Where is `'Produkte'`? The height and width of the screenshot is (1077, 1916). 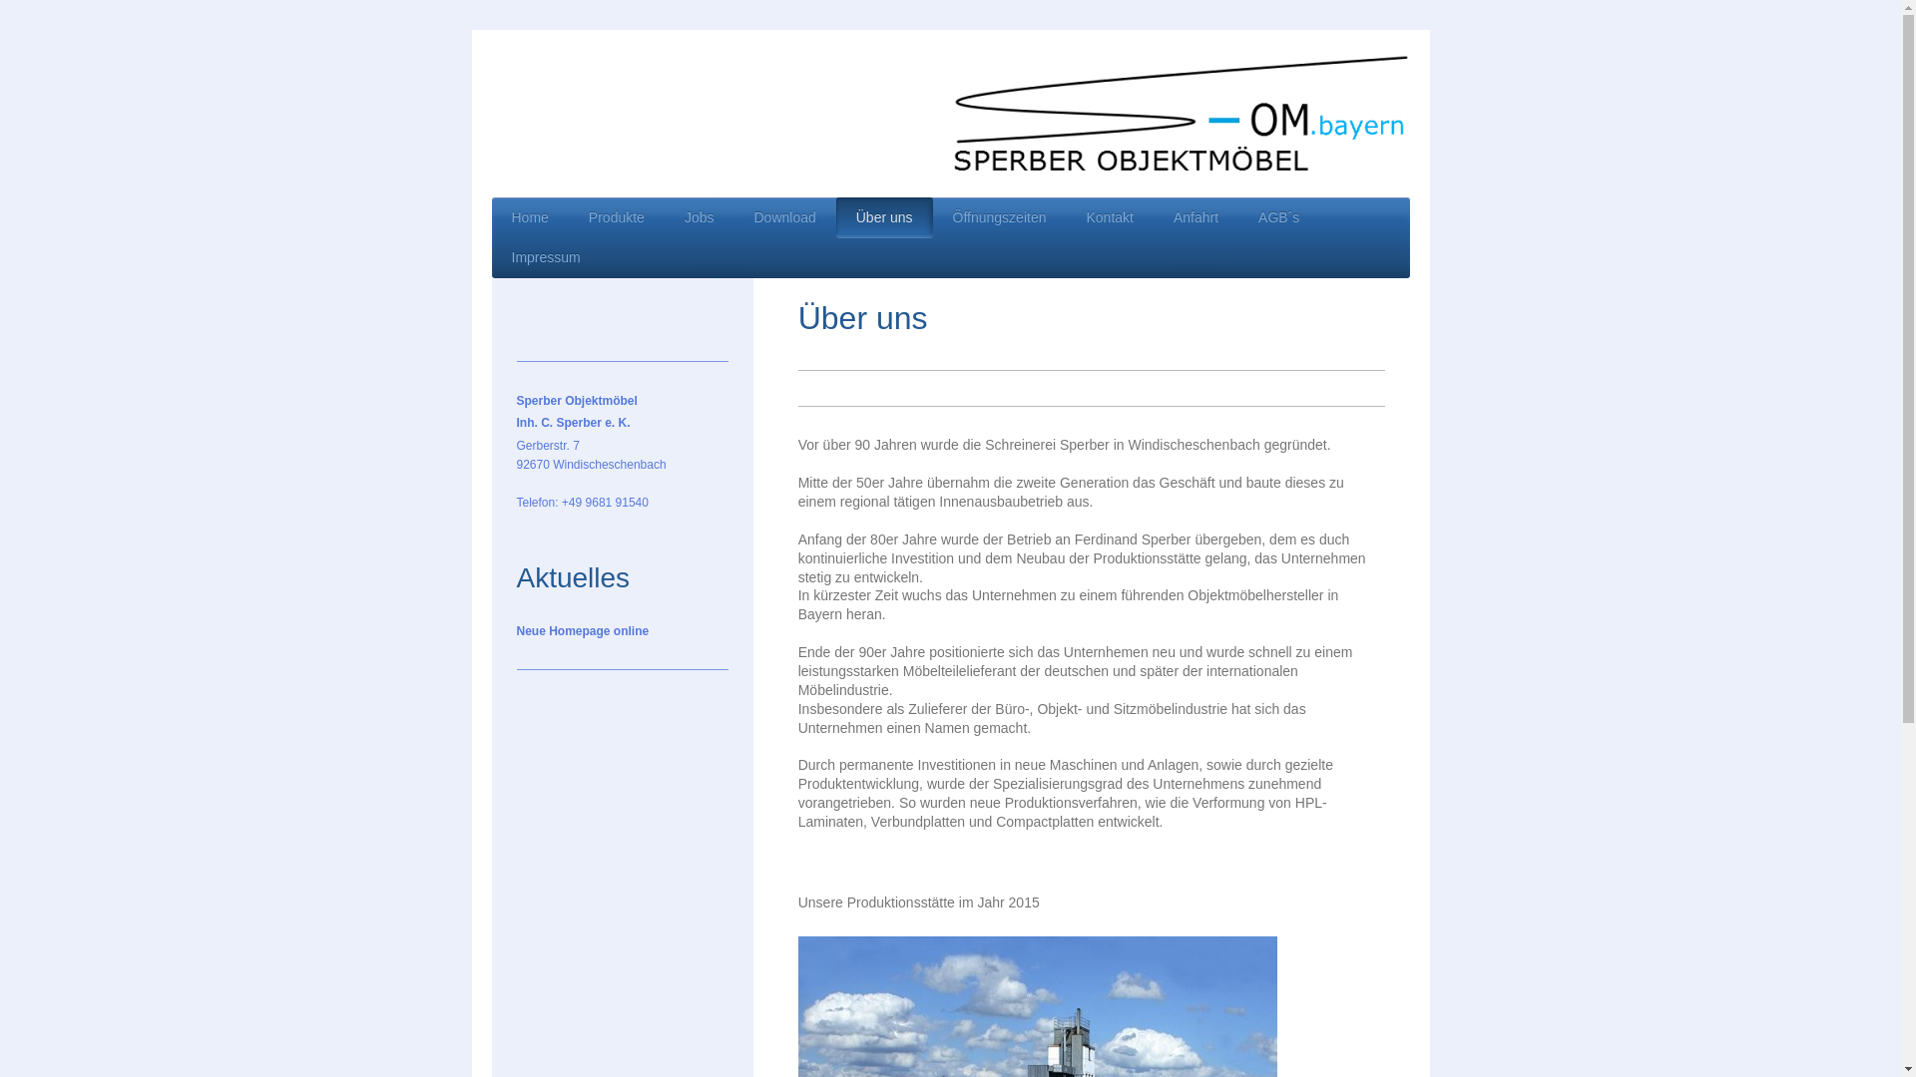 'Produkte' is located at coordinates (616, 217).